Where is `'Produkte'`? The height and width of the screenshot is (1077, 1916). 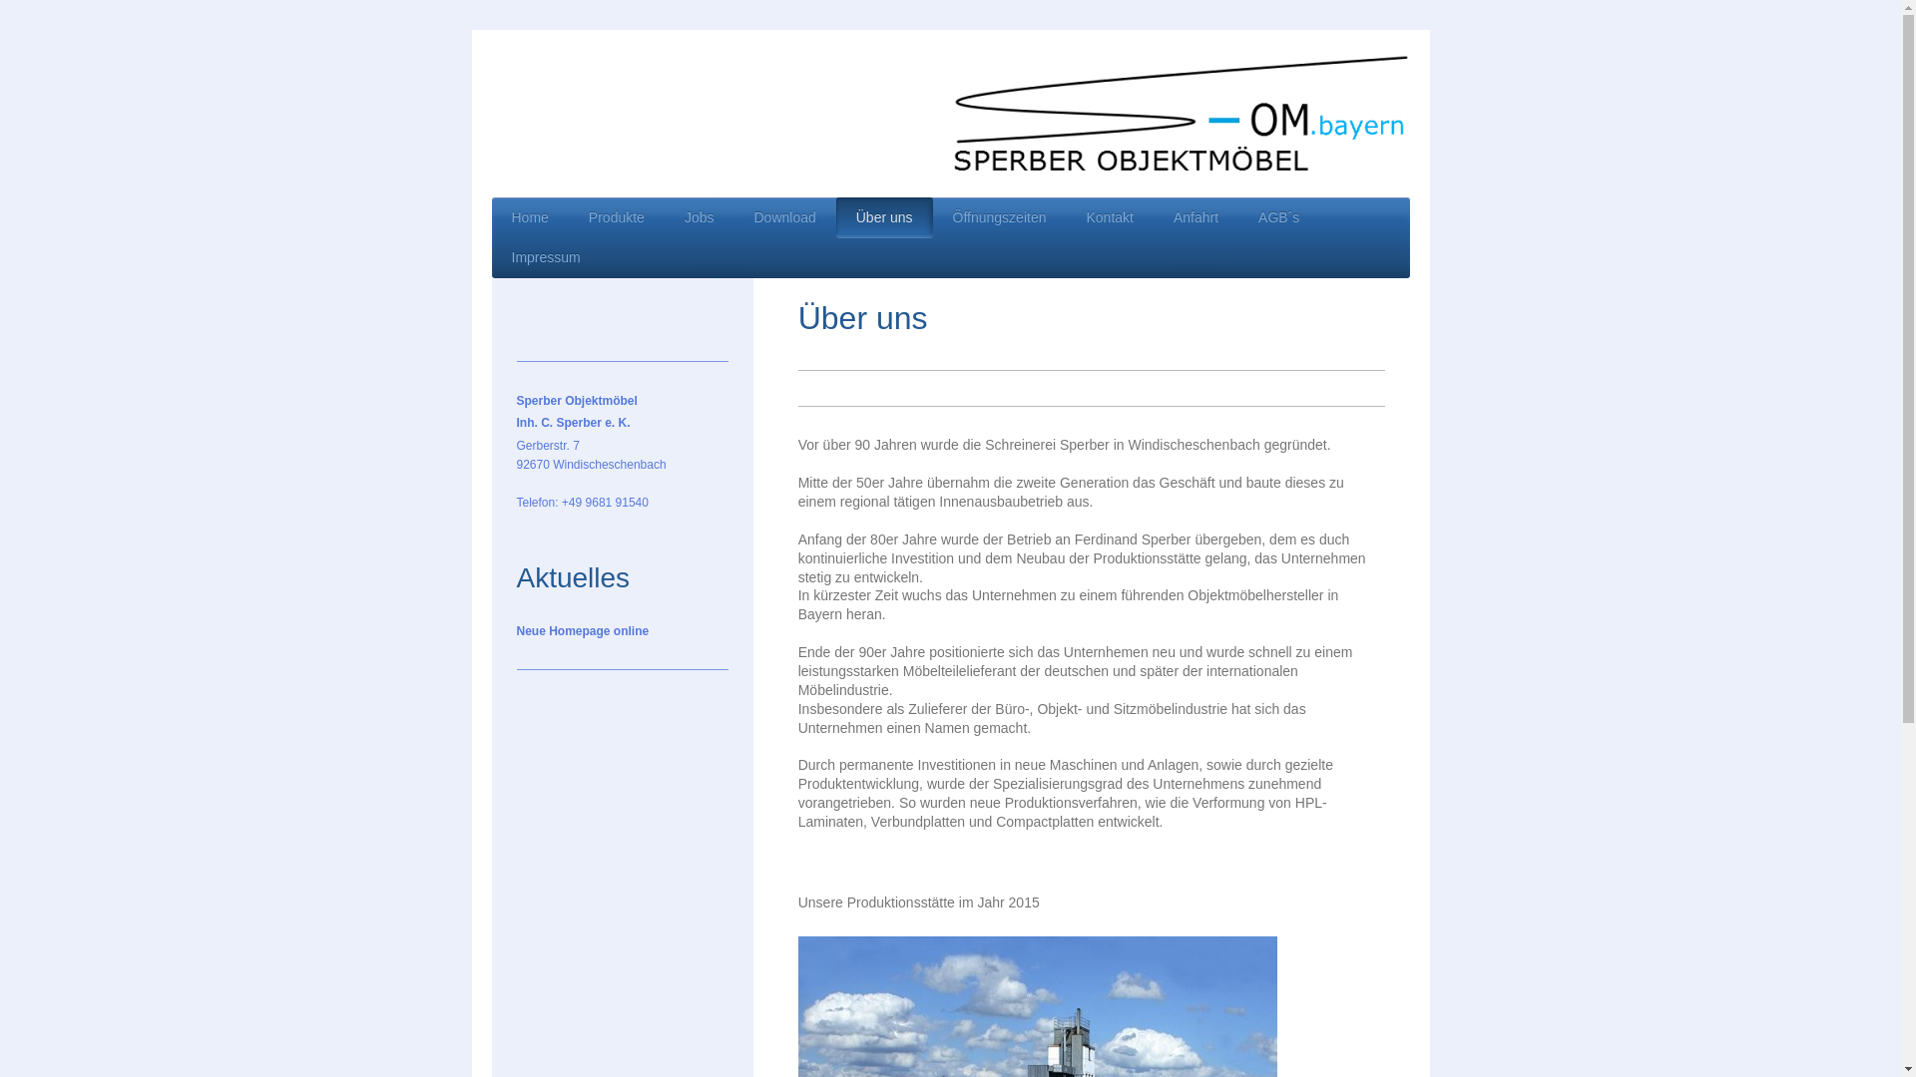 'Produkte' is located at coordinates (616, 217).